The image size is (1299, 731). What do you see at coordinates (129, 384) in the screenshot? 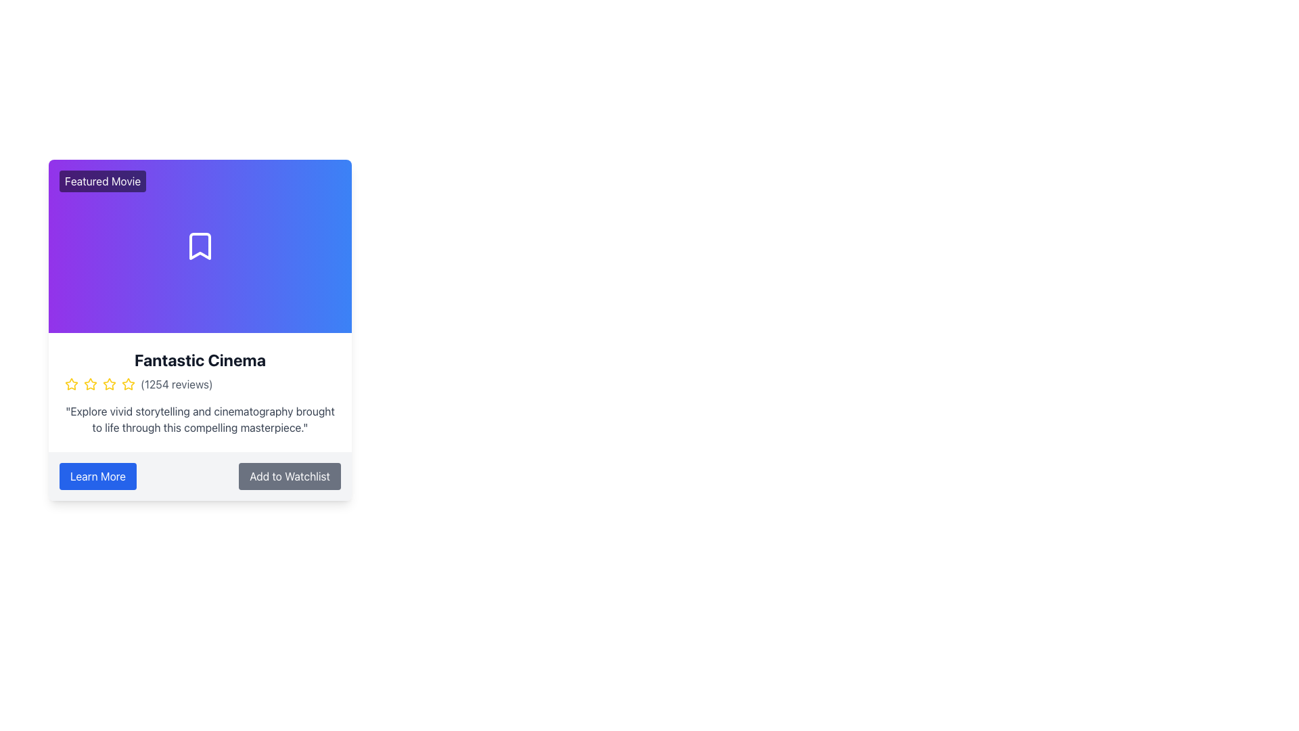
I see `the fifth star icon in the rating display` at bounding box center [129, 384].